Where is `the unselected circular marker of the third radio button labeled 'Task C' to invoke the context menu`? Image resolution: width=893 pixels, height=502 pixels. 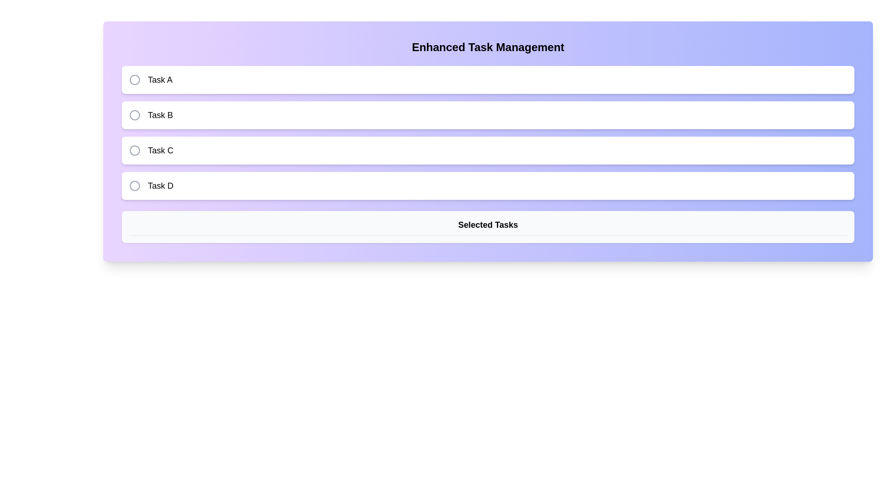 the unselected circular marker of the third radio button labeled 'Task C' to invoke the context menu is located at coordinates (134, 150).